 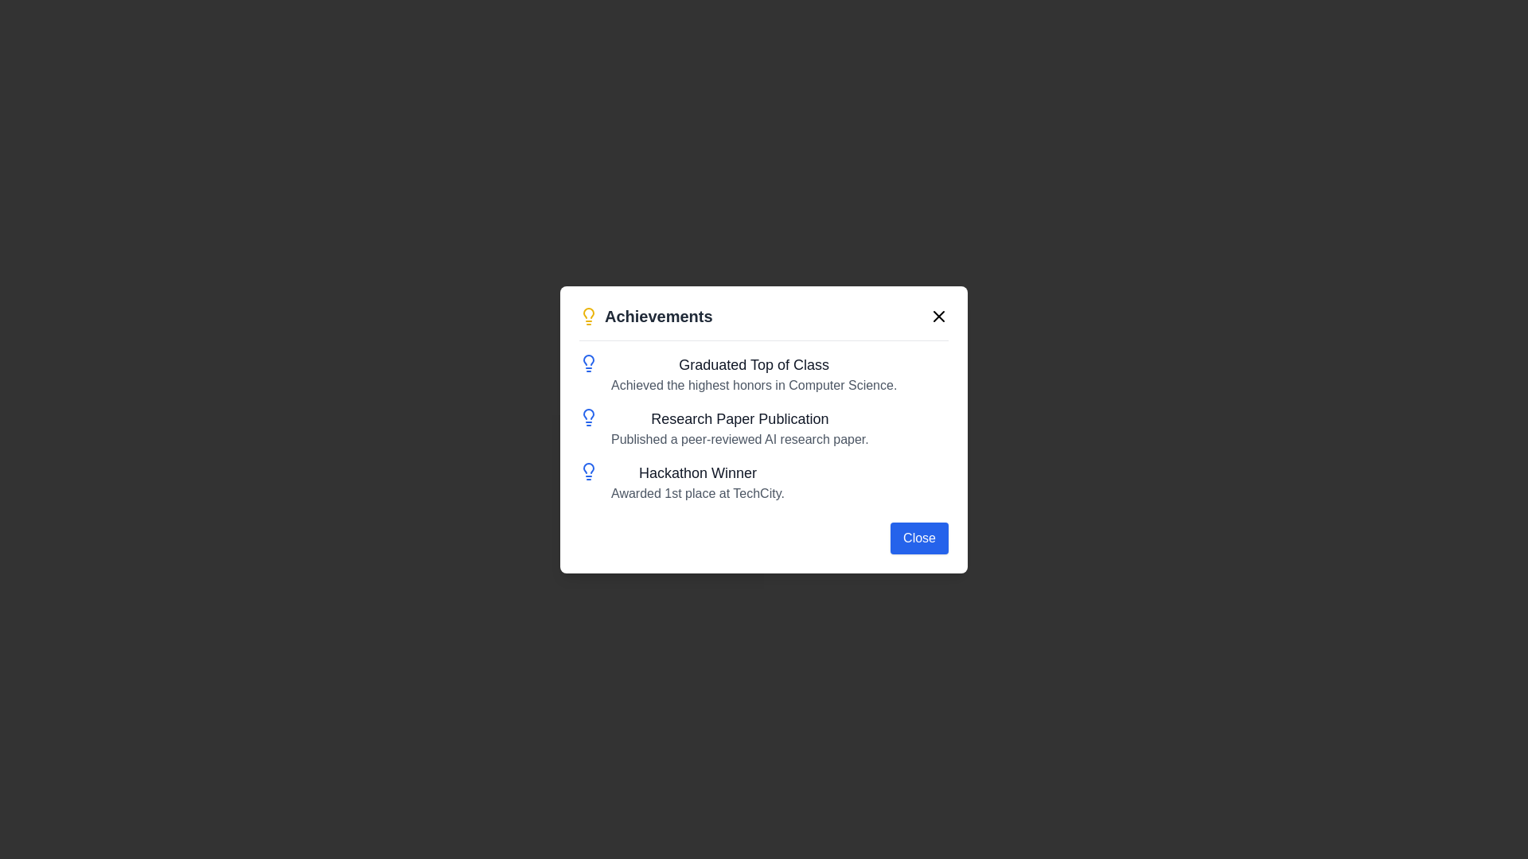 What do you see at coordinates (697, 481) in the screenshot?
I see `and interpret the text content of the third achievement entry in the vertical list, which displays information about a hackathon award, positioned below 'Research Paper Publication' and above the 'Close' button` at bounding box center [697, 481].